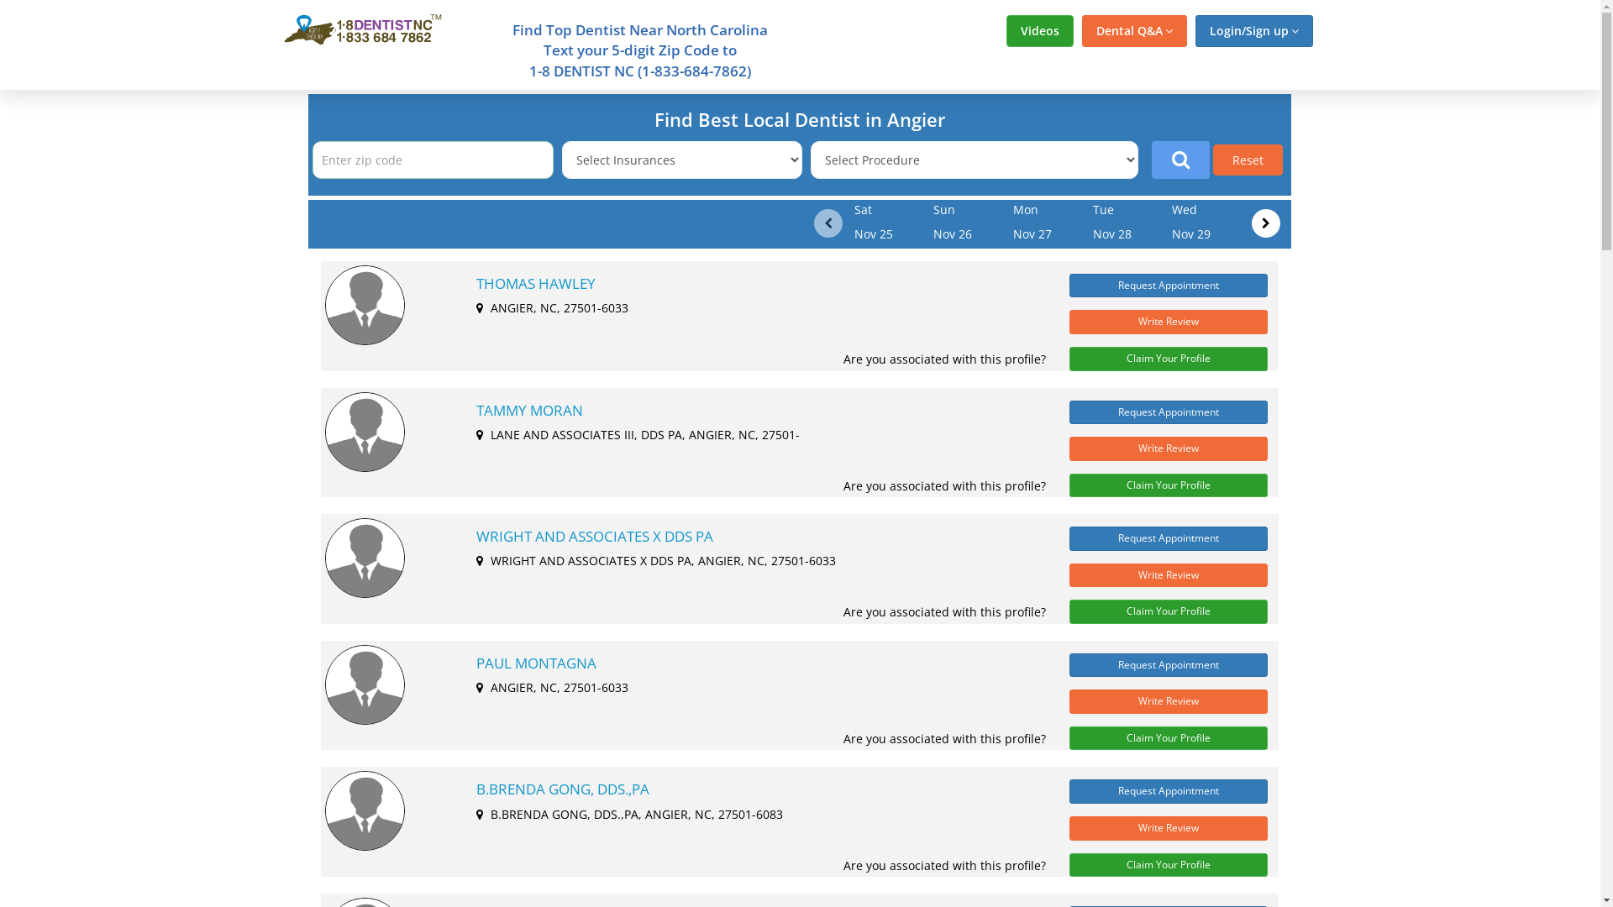 The width and height of the screenshot is (1613, 907). Describe the element at coordinates (1253, 31) in the screenshot. I see `'Login/Sign up'` at that location.